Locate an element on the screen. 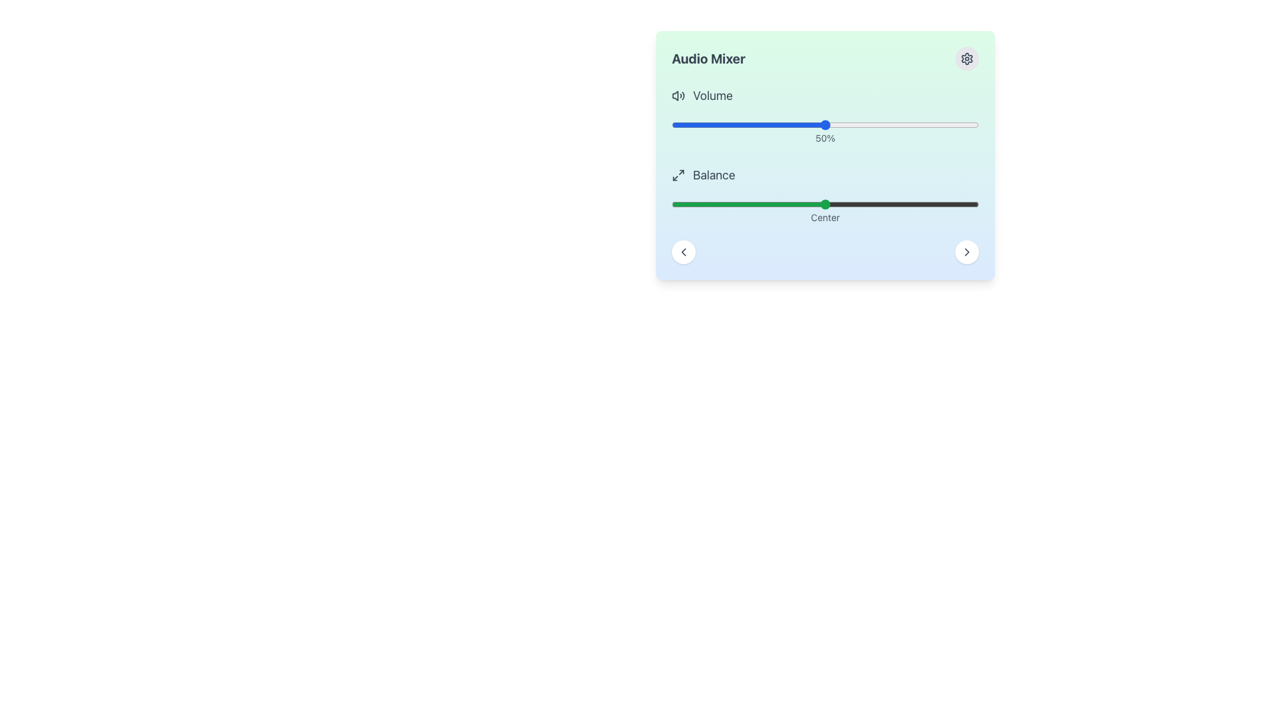 Image resolution: width=1271 pixels, height=715 pixels. the icon representing the functionality for adjusting or restoring the balance in the 'Audio Mixer' interface is located at coordinates (679, 175).